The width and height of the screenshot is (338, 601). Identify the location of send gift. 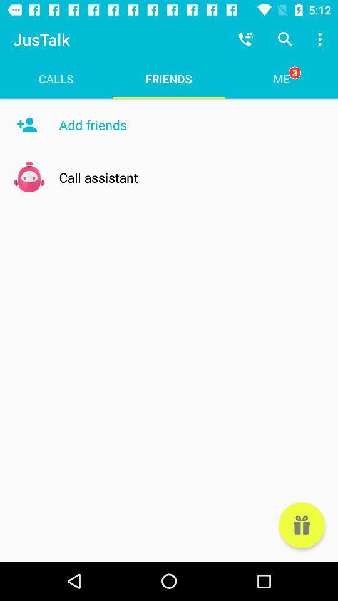
(301, 525).